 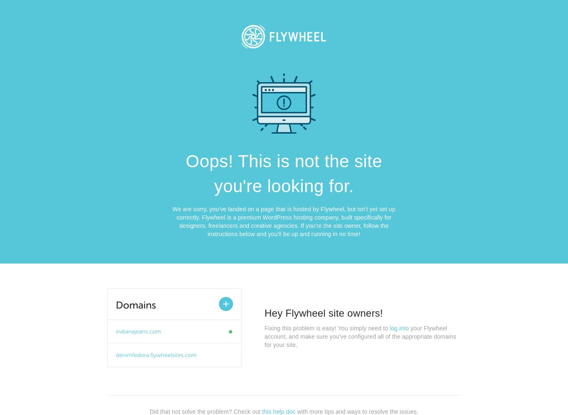 What do you see at coordinates (295, 411) in the screenshot?
I see `'with more tips and ways to resolve the issues.'` at bounding box center [295, 411].